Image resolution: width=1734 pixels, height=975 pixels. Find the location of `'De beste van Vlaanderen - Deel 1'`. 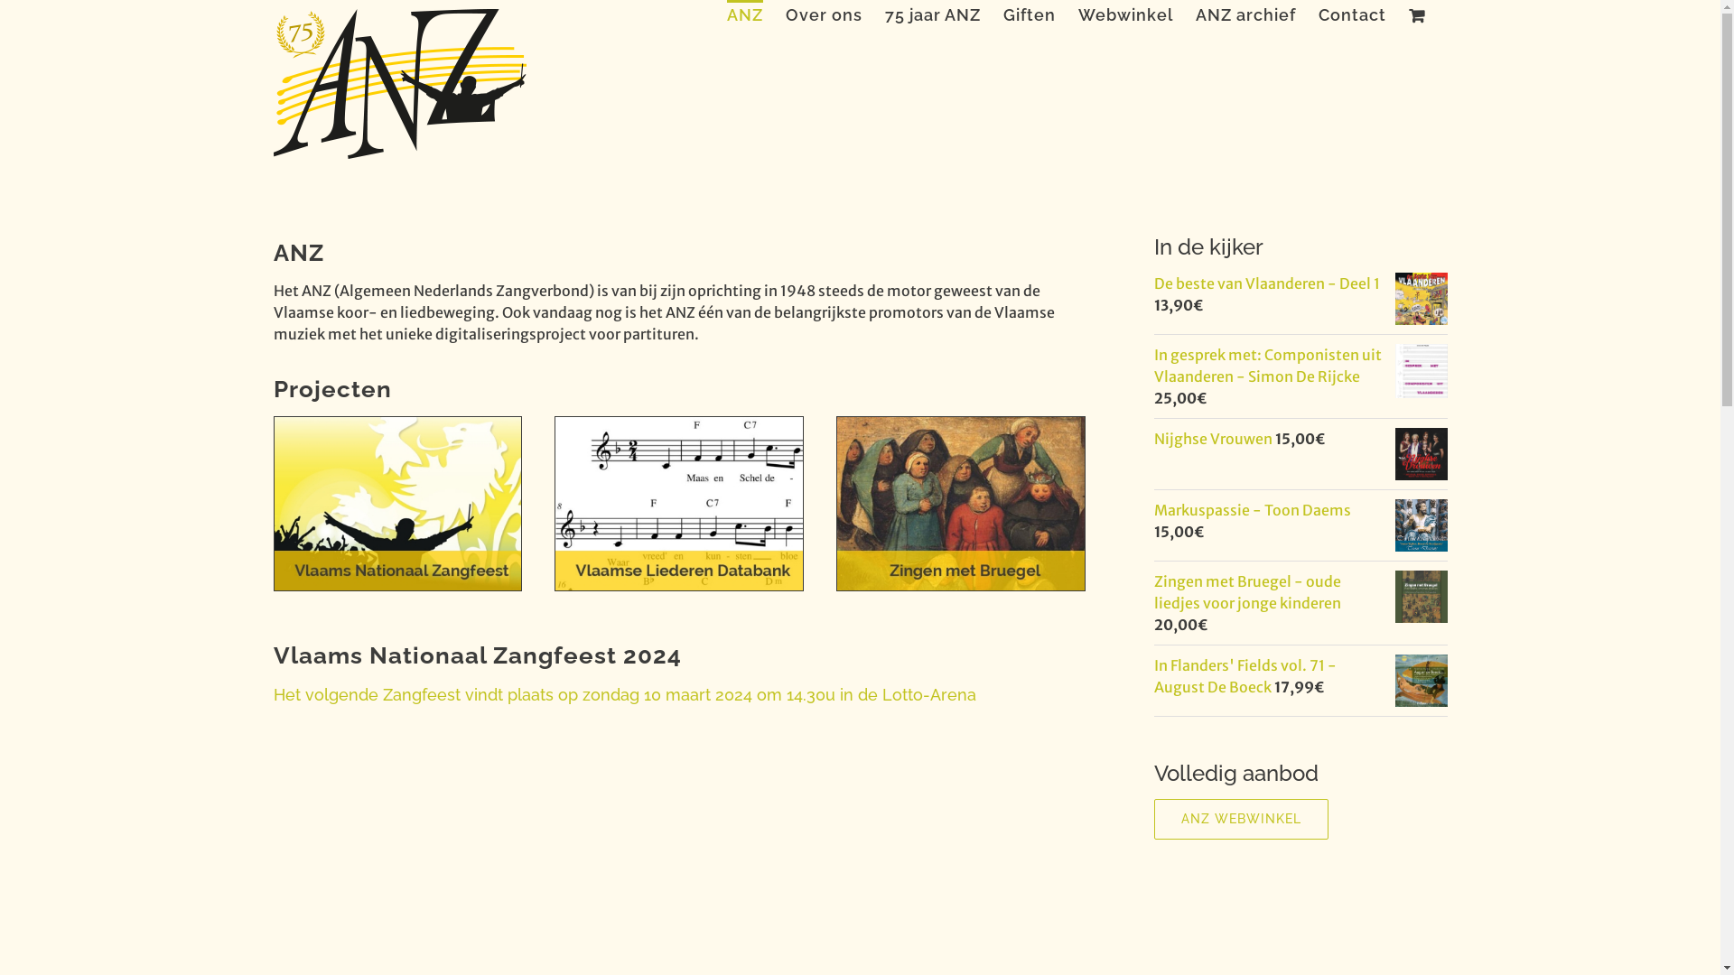

'De beste van Vlaanderen - Deel 1' is located at coordinates (1265, 283).